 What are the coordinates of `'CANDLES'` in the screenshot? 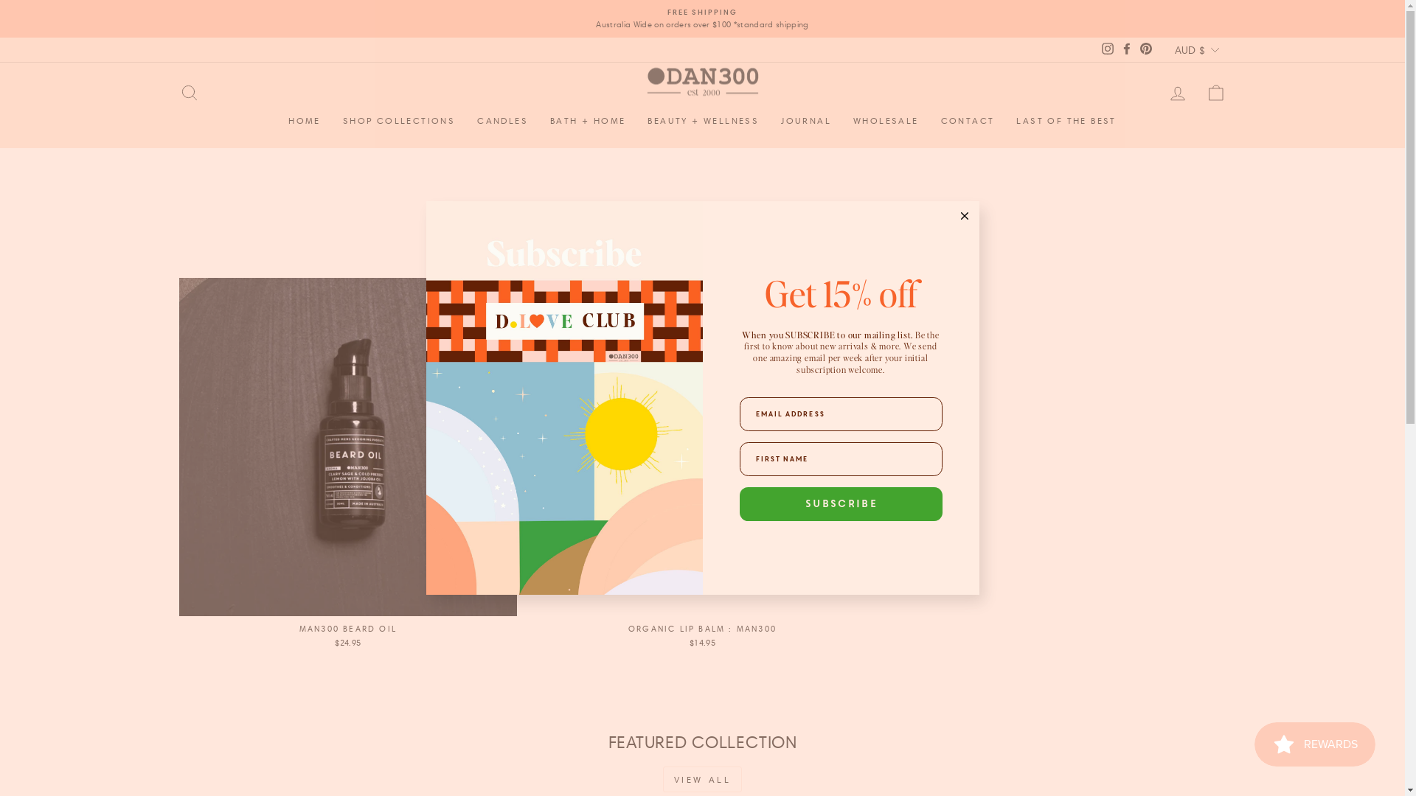 It's located at (502, 120).